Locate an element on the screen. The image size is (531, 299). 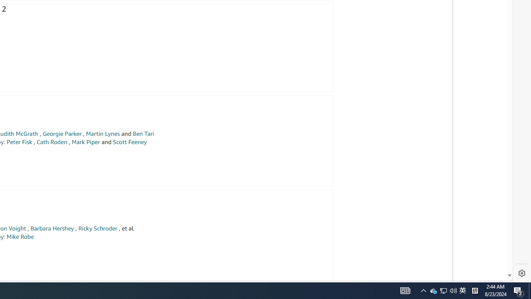
'Ben Tari' is located at coordinates (144, 133).